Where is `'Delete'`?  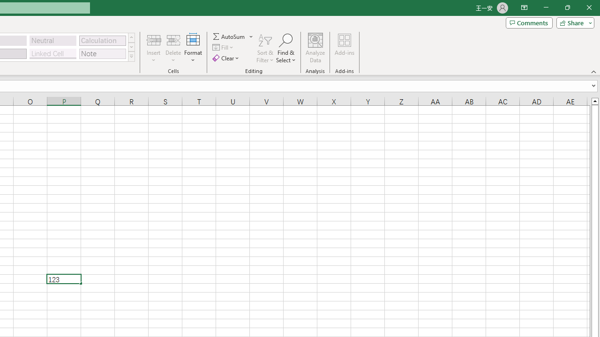 'Delete' is located at coordinates (173, 48).